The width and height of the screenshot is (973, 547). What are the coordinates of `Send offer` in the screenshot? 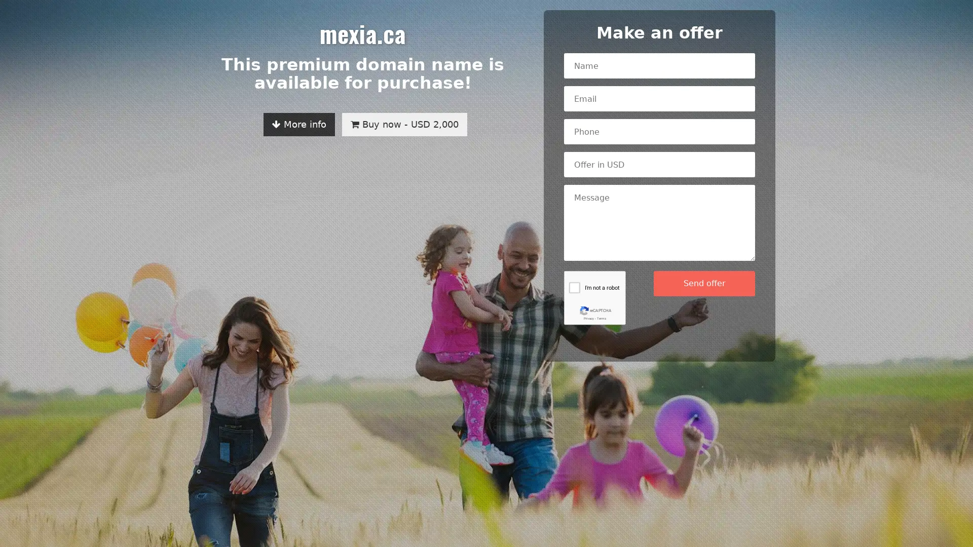 It's located at (704, 283).